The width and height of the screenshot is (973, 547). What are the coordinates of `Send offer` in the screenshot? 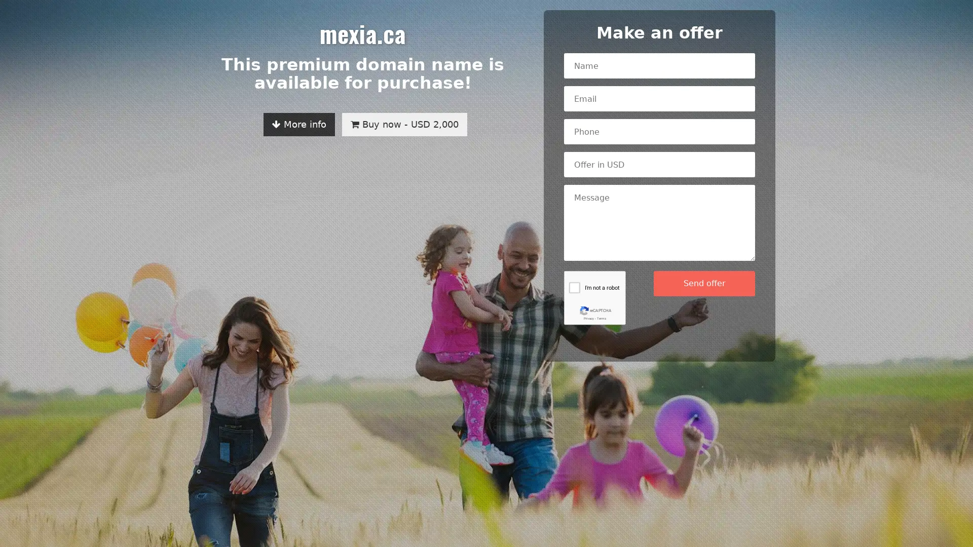 It's located at (704, 283).